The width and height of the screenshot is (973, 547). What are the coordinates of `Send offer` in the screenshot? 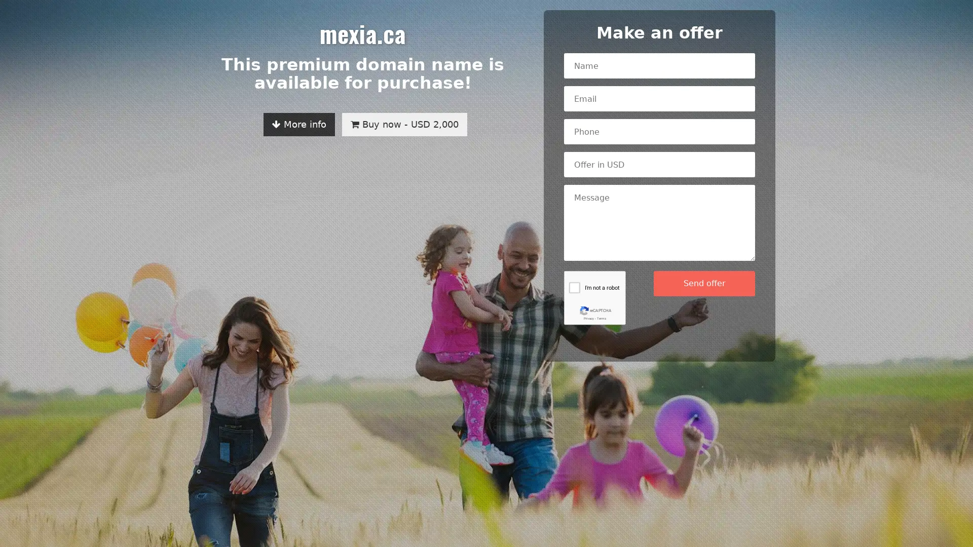 It's located at (704, 283).